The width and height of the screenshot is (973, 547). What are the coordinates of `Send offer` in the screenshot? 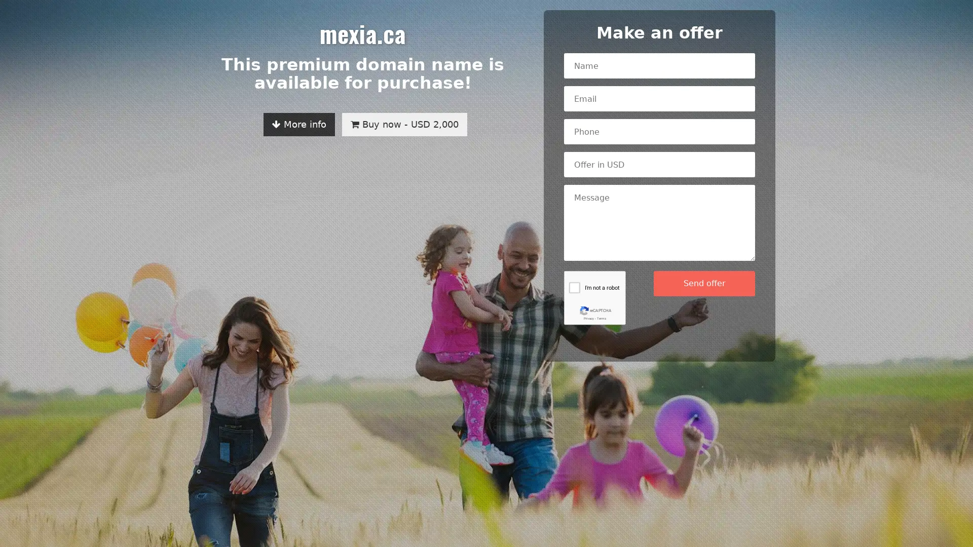 It's located at (704, 283).